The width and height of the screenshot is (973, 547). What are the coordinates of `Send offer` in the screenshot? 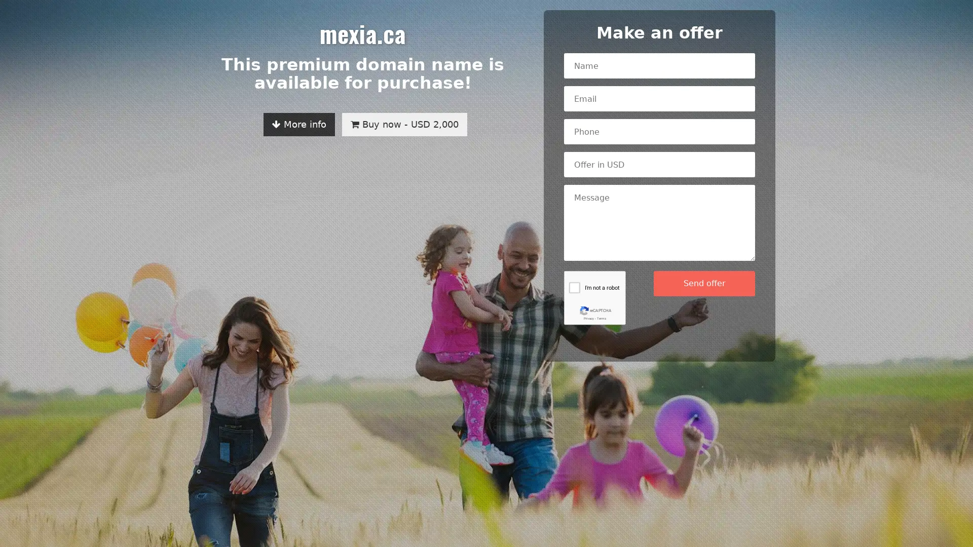 It's located at (704, 283).